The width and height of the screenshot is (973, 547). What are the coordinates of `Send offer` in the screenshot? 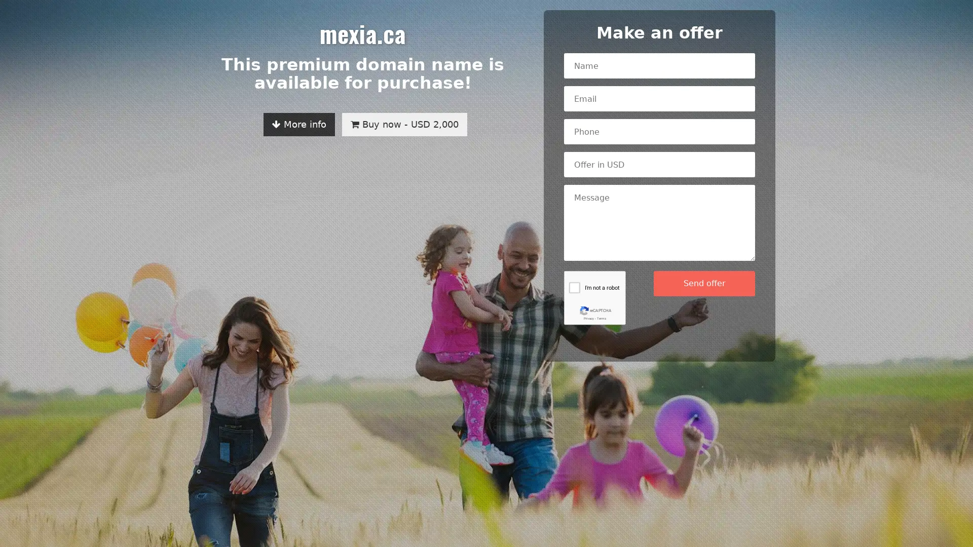 It's located at (704, 283).